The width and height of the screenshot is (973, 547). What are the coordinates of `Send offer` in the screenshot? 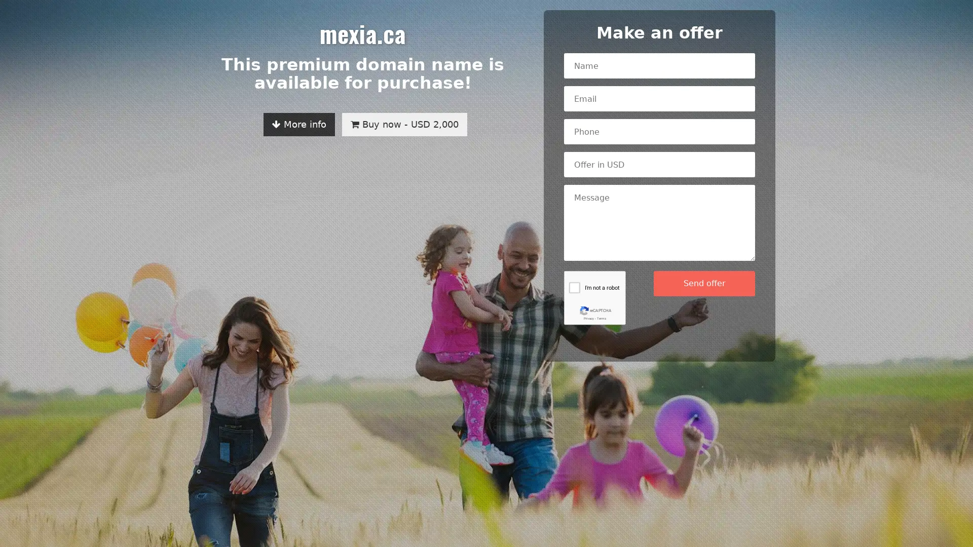 It's located at (704, 283).